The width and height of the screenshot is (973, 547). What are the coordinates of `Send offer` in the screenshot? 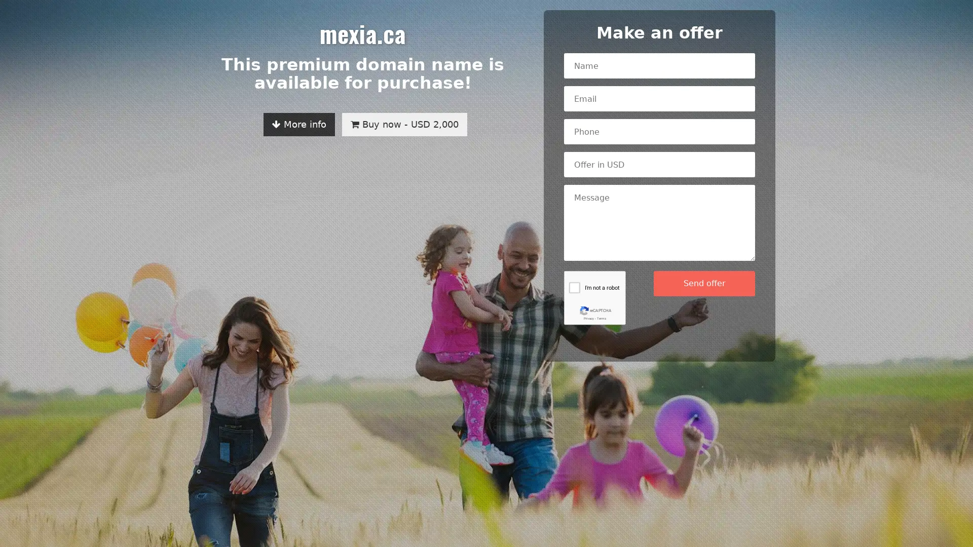 It's located at (704, 283).